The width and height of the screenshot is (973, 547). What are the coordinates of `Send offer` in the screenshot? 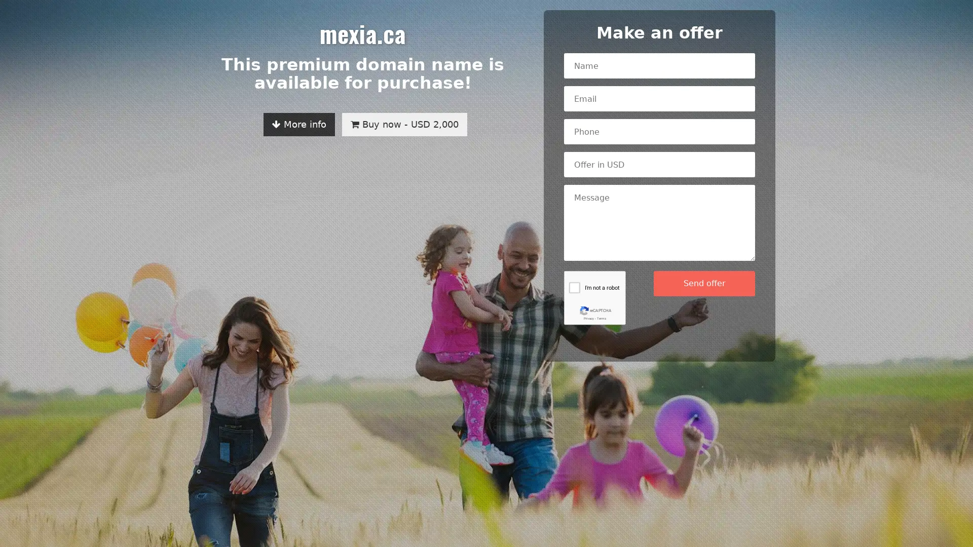 It's located at (704, 283).